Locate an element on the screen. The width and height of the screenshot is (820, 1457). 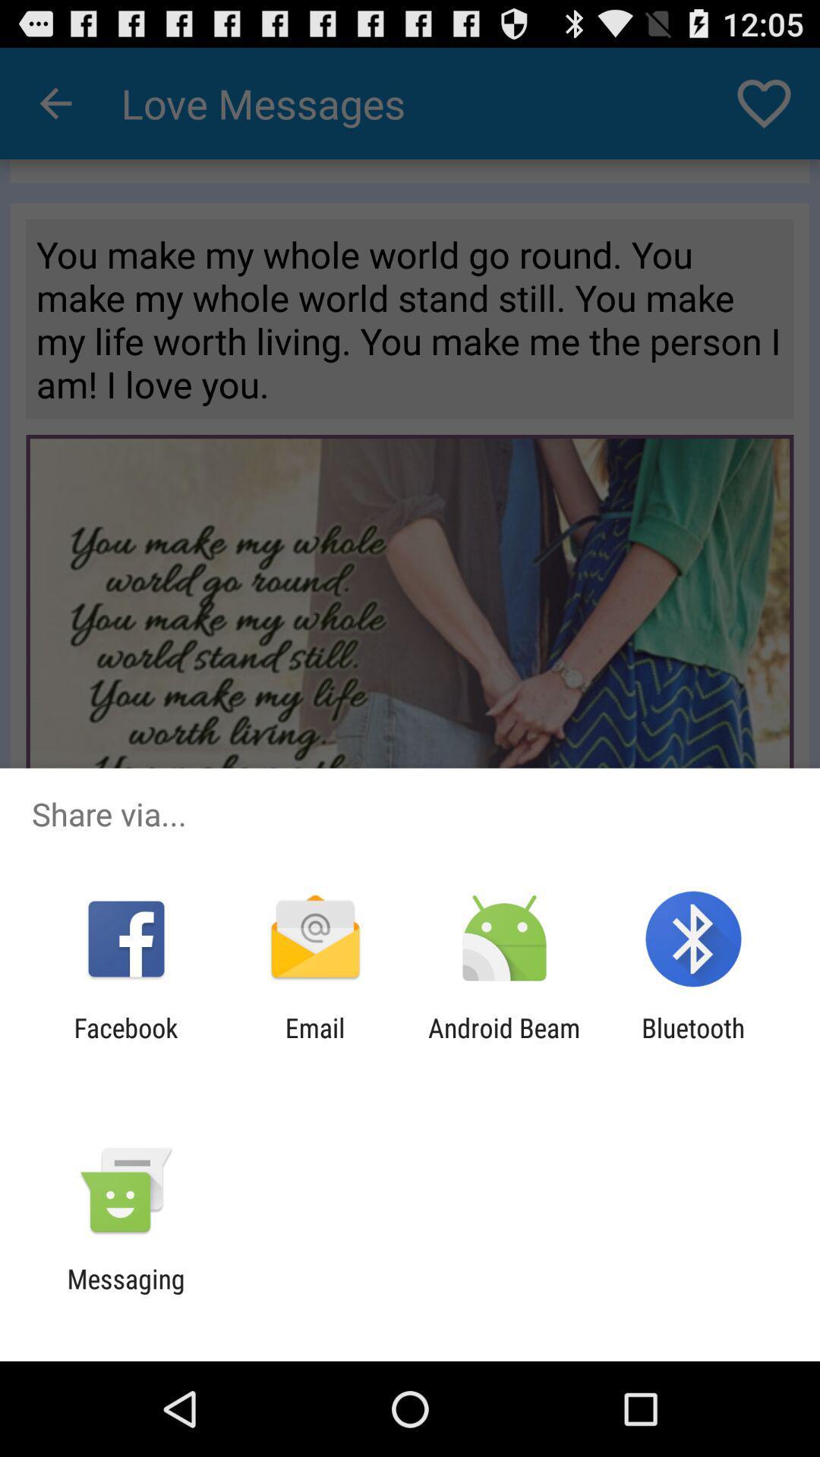
app to the left of the email icon is located at coordinates (125, 1043).